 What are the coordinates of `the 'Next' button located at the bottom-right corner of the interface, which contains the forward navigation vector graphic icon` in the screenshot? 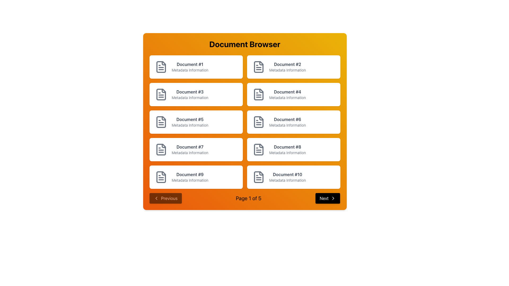 It's located at (333, 198).